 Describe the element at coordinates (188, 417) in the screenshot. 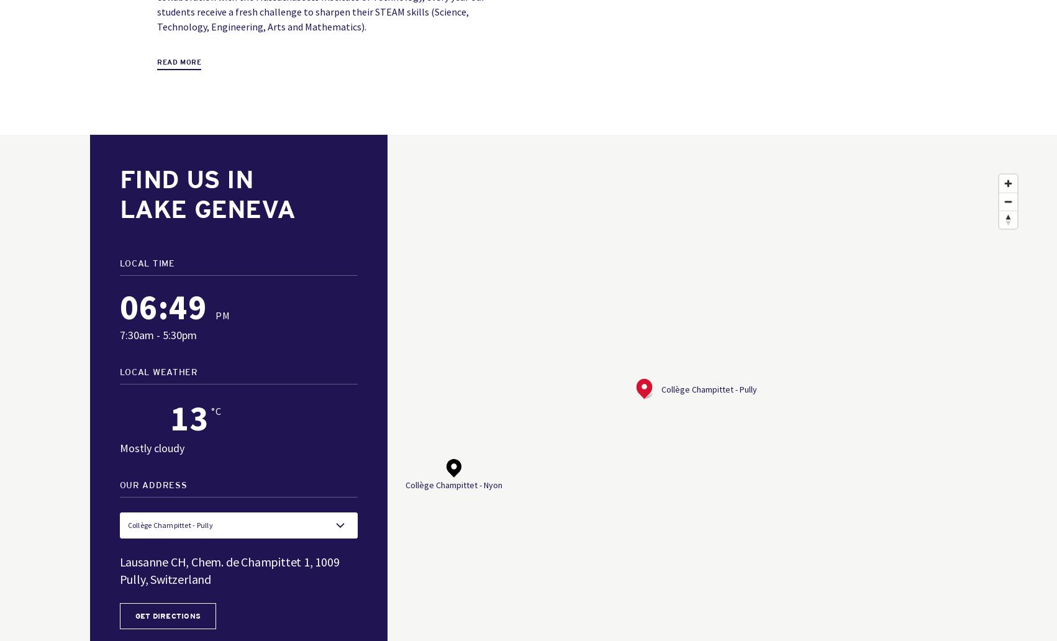

I see `'13'` at that location.